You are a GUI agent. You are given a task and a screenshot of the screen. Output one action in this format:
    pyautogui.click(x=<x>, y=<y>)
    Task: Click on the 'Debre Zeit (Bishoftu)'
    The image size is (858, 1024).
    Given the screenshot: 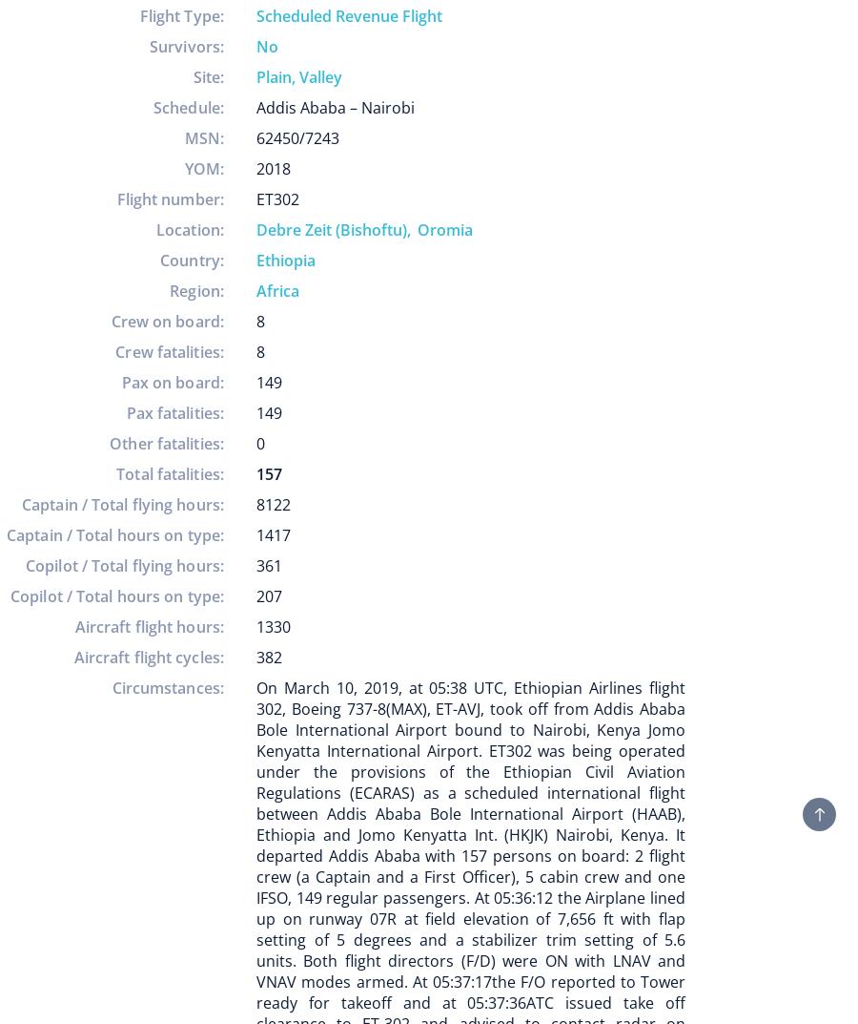 What is the action you would take?
    pyautogui.click(x=332, y=228)
    